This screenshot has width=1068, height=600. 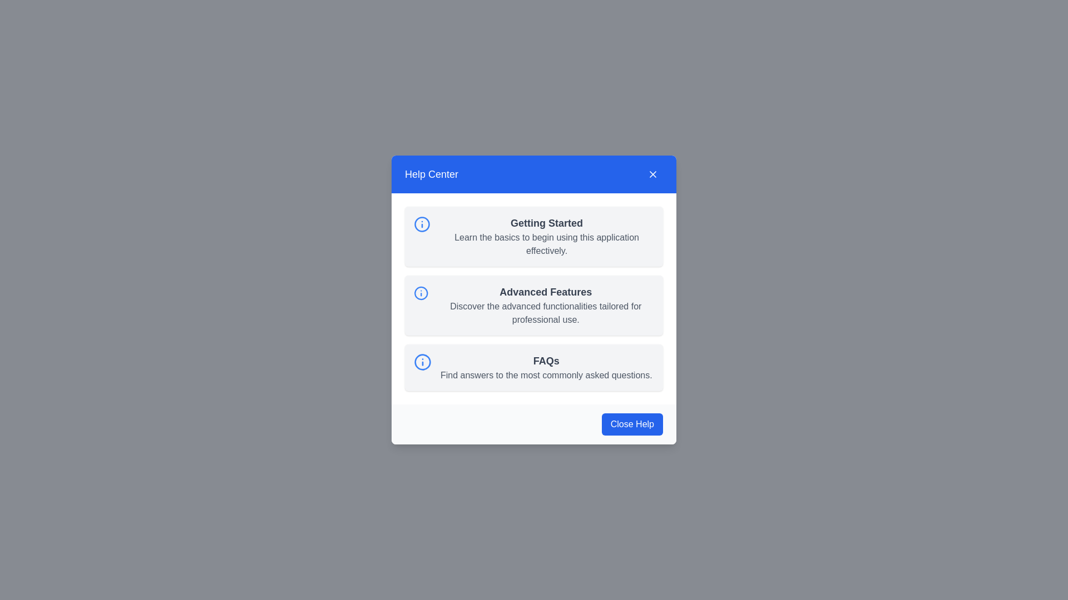 I want to click on the 'Getting Started' text label, which is bold and prominently displayed at the top of the Help Center dialog box, so click(x=547, y=223).